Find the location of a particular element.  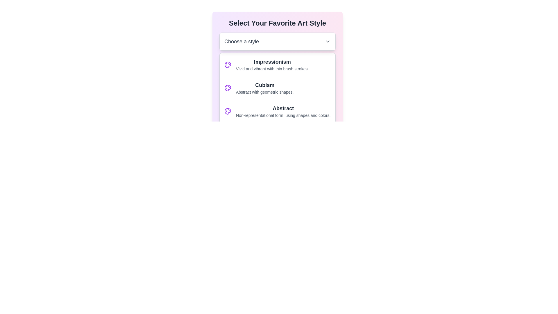

the 'Abstract' art style card, which is the third option in the list of art styles is located at coordinates (277, 111).